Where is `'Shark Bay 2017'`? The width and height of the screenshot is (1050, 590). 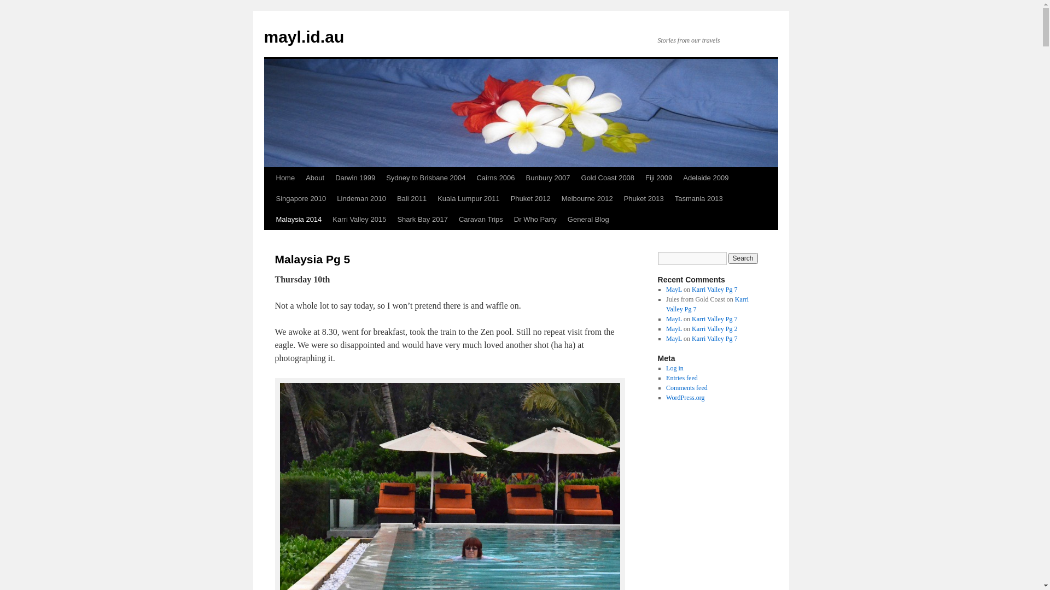 'Shark Bay 2017' is located at coordinates (422, 219).